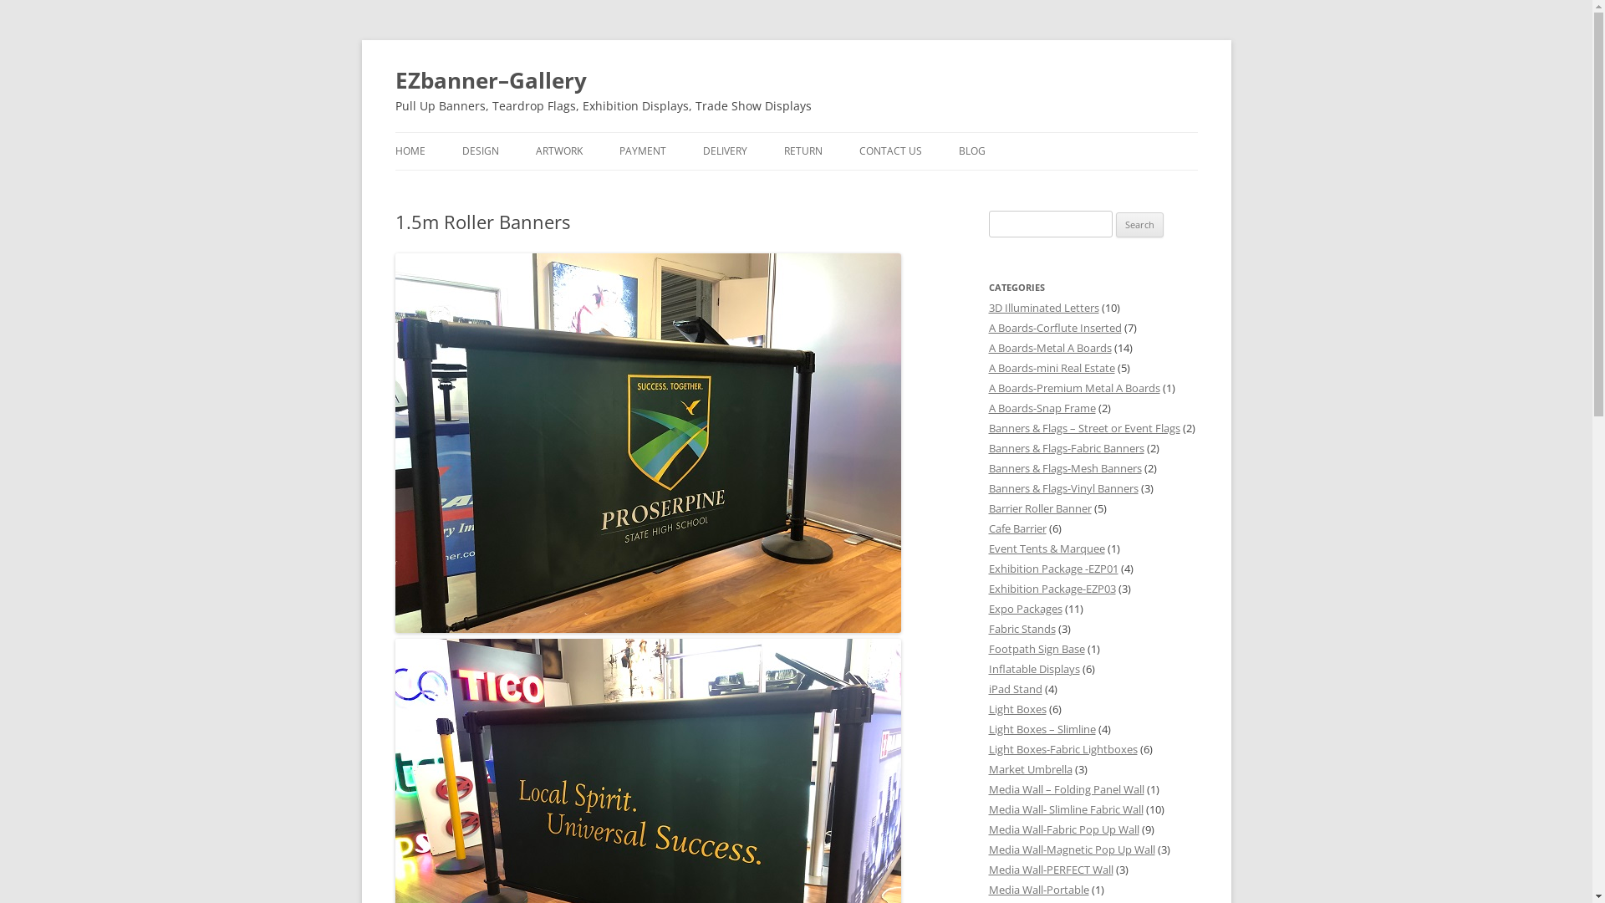 The height and width of the screenshot is (903, 1605). I want to click on 'Banners & Flags-Fabric Banners', so click(1065, 447).